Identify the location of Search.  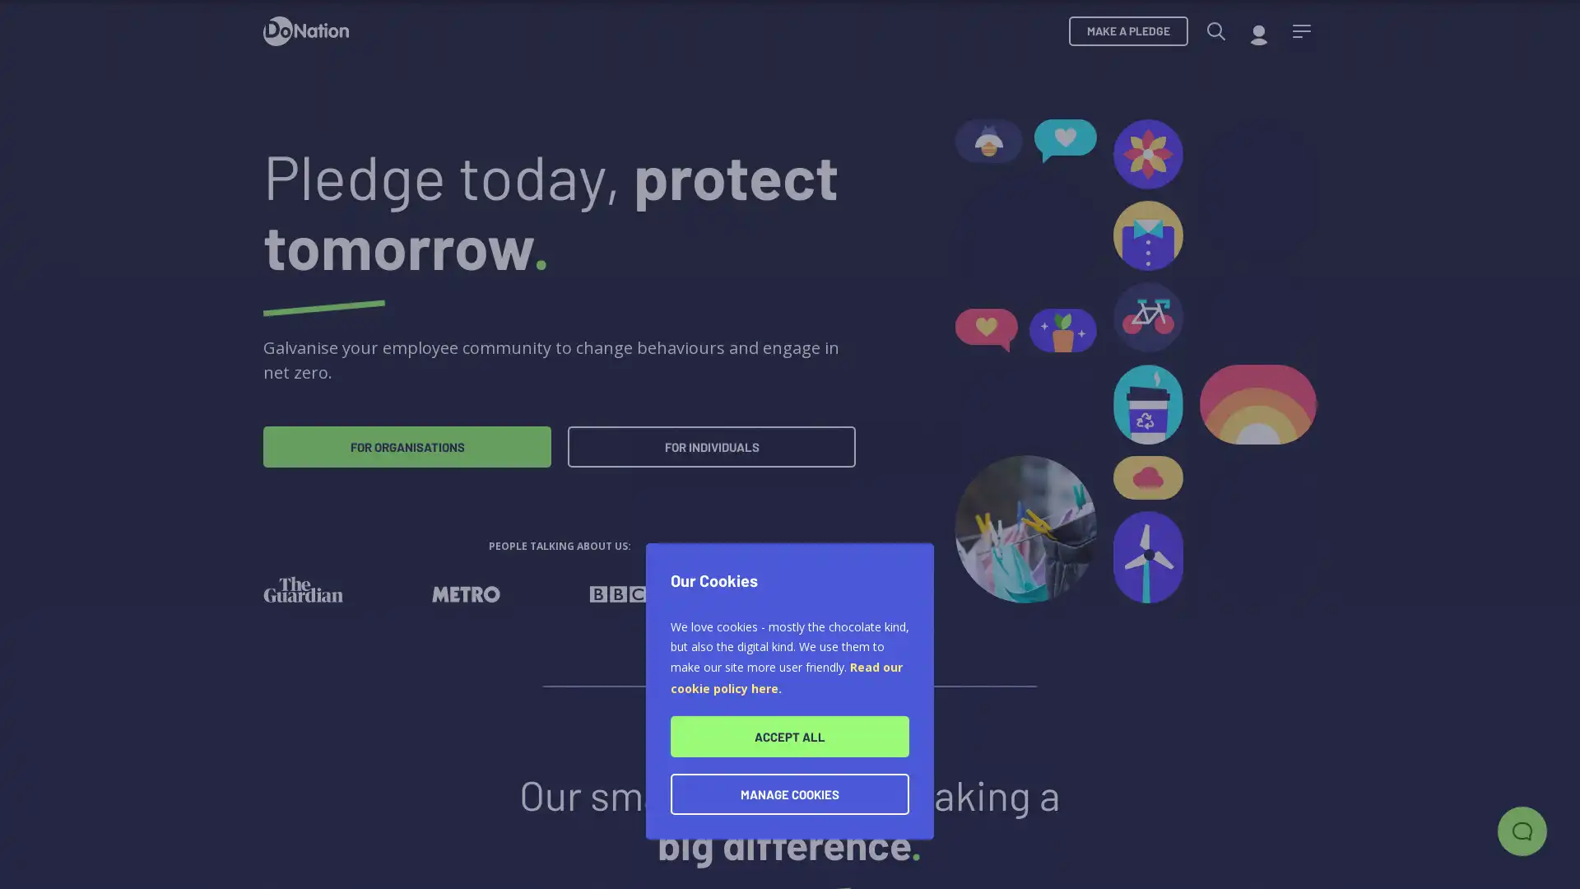
(1216, 31).